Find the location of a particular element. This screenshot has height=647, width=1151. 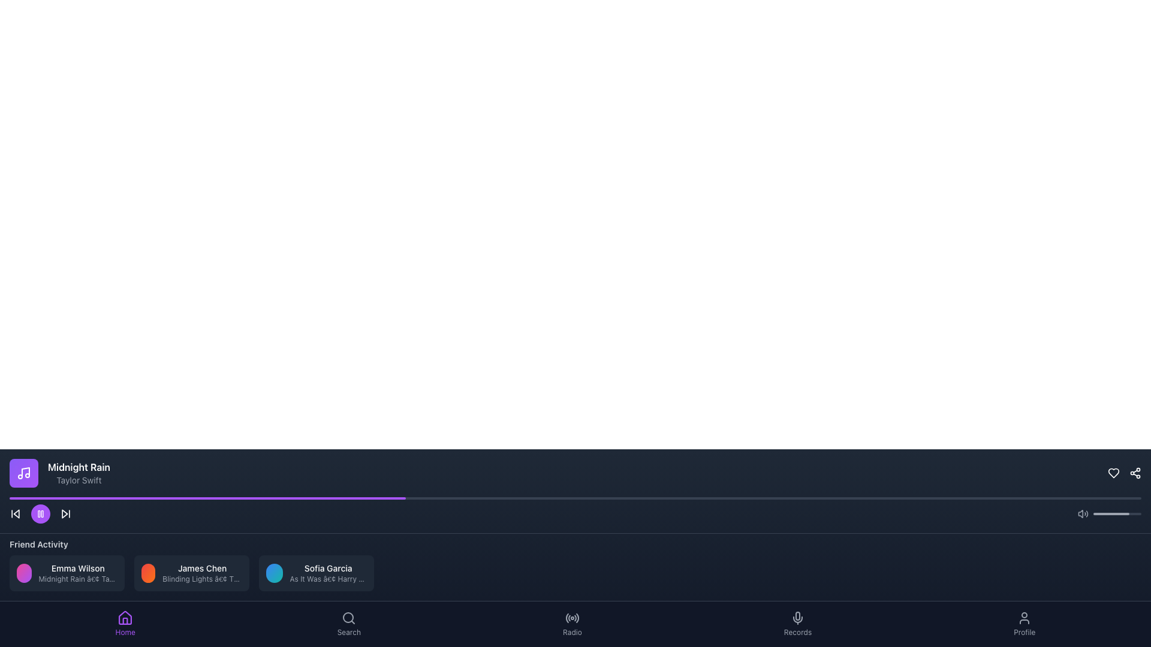

the volume slider is located at coordinates (1117, 513).